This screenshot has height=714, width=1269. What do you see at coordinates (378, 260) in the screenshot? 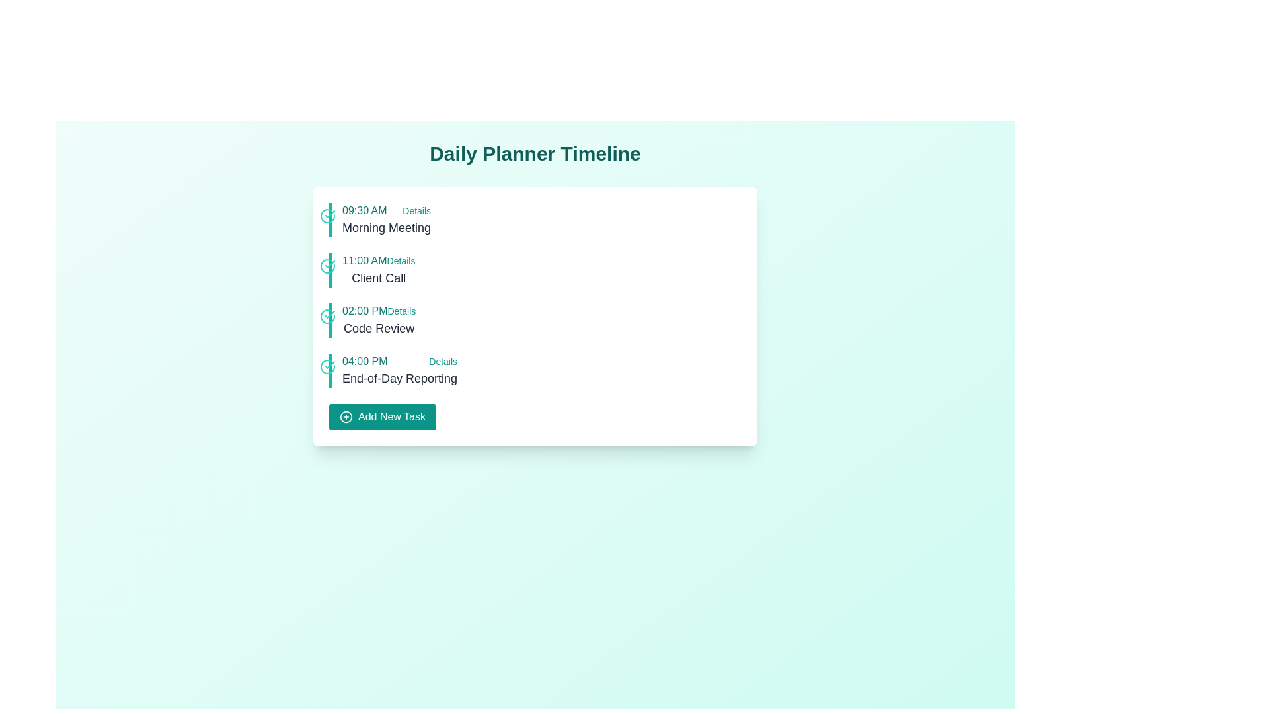
I see `the 'Details' link in the Time-slot entry displaying '11:00 AM', which is positioned between '09:30 AM Morning Meeting' and '02:00 PM Code Review'` at bounding box center [378, 260].